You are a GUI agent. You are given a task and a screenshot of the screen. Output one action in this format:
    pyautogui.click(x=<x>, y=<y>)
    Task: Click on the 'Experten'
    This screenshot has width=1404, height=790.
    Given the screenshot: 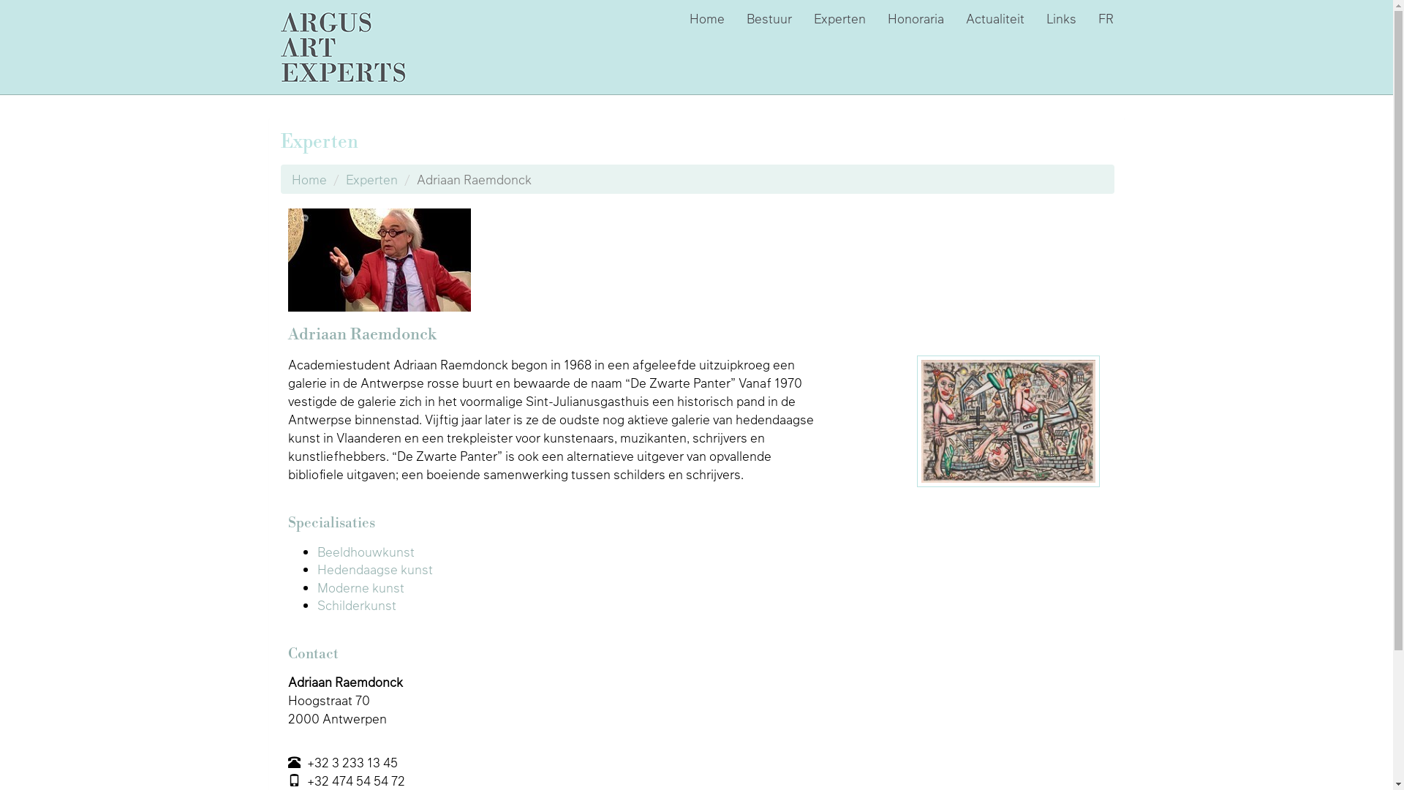 What is the action you would take?
    pyautogui.click(x=839, y=18)
    